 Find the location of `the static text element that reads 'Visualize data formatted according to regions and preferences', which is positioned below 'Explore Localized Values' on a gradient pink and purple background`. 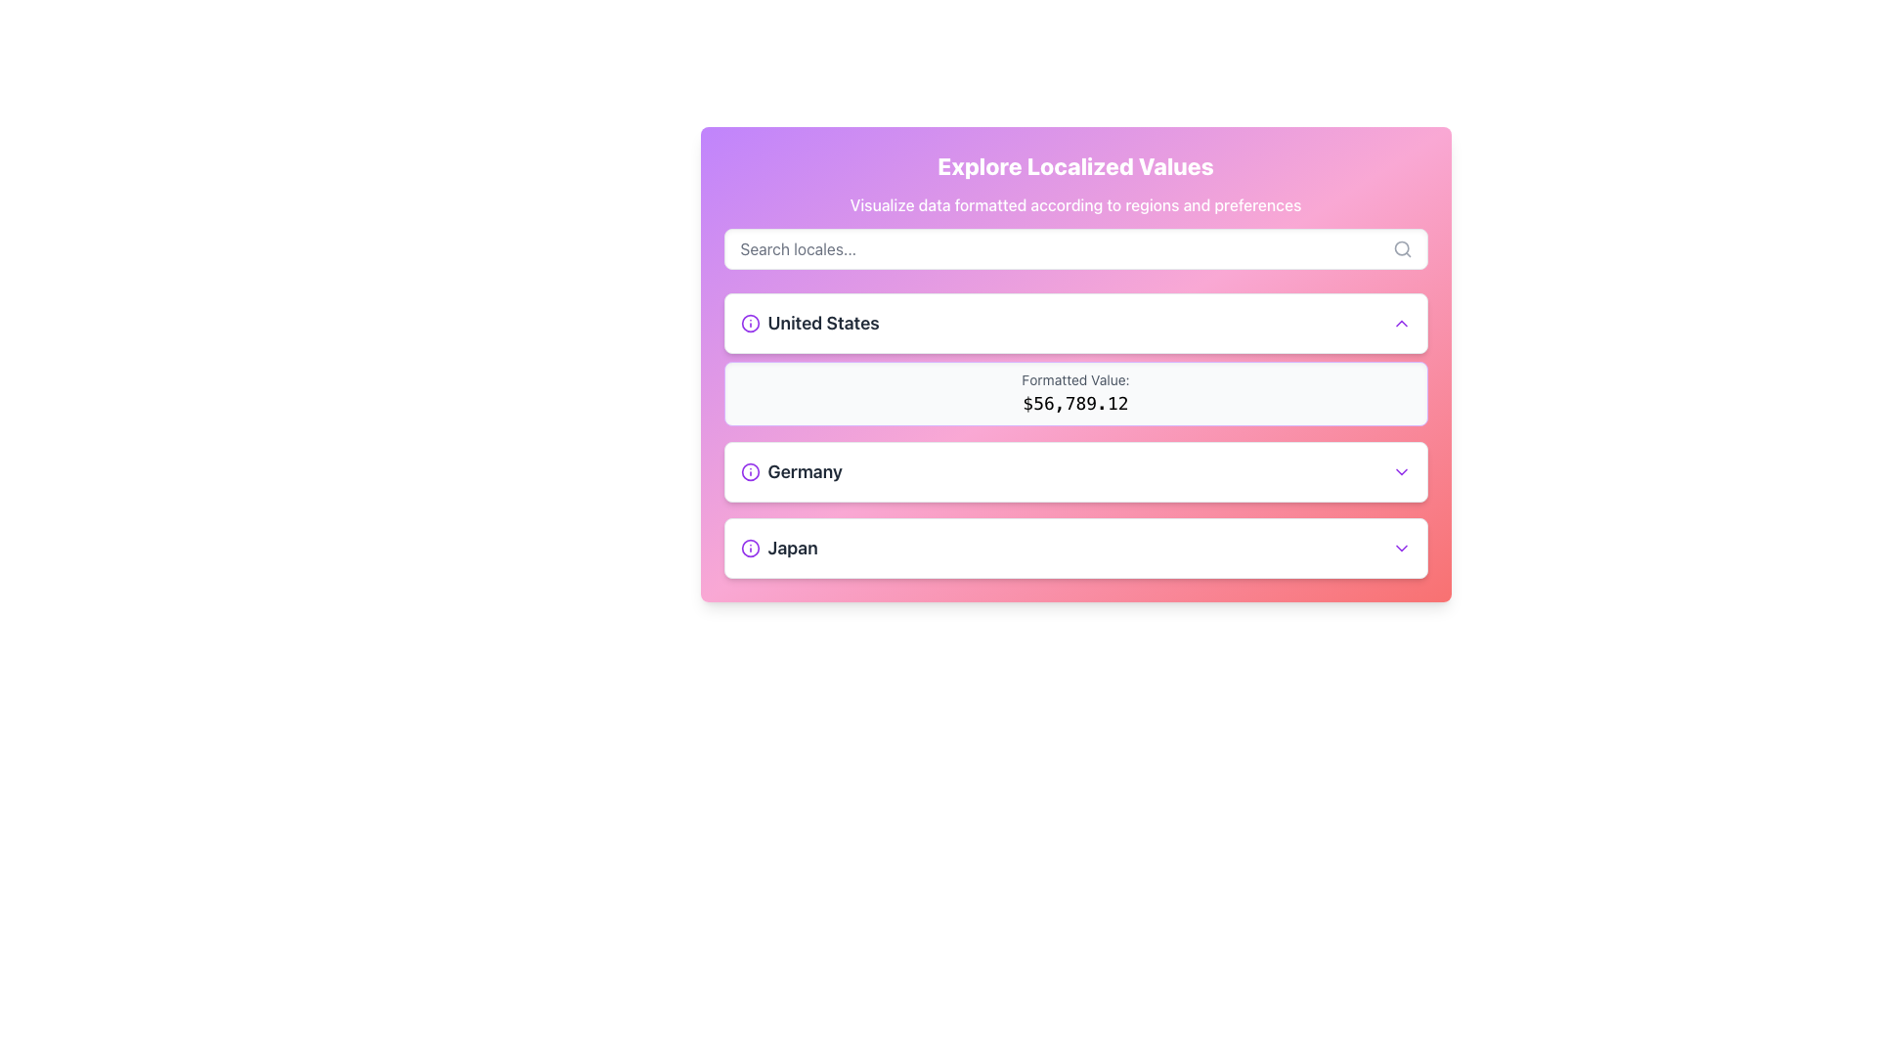

the static text element that reads 'Visualize data formatted according to regions and preferences', which is positioned below 'Explore Localized Values' on a gradient pink and purple background is located at coordinates (1074, 204).